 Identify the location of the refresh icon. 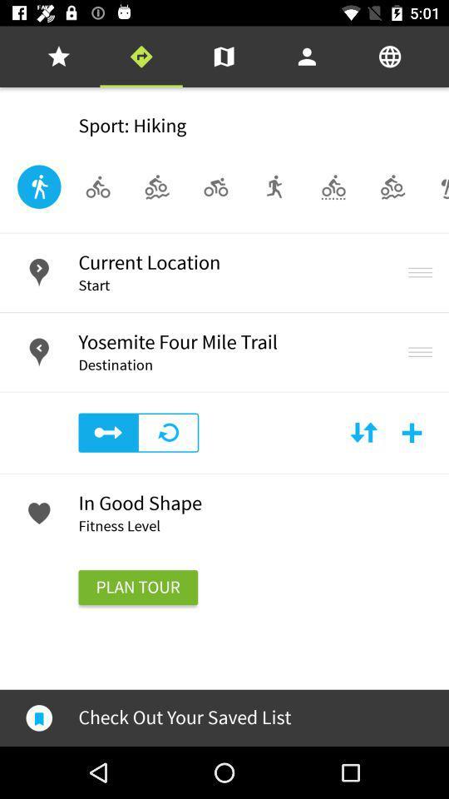
(168, 432).